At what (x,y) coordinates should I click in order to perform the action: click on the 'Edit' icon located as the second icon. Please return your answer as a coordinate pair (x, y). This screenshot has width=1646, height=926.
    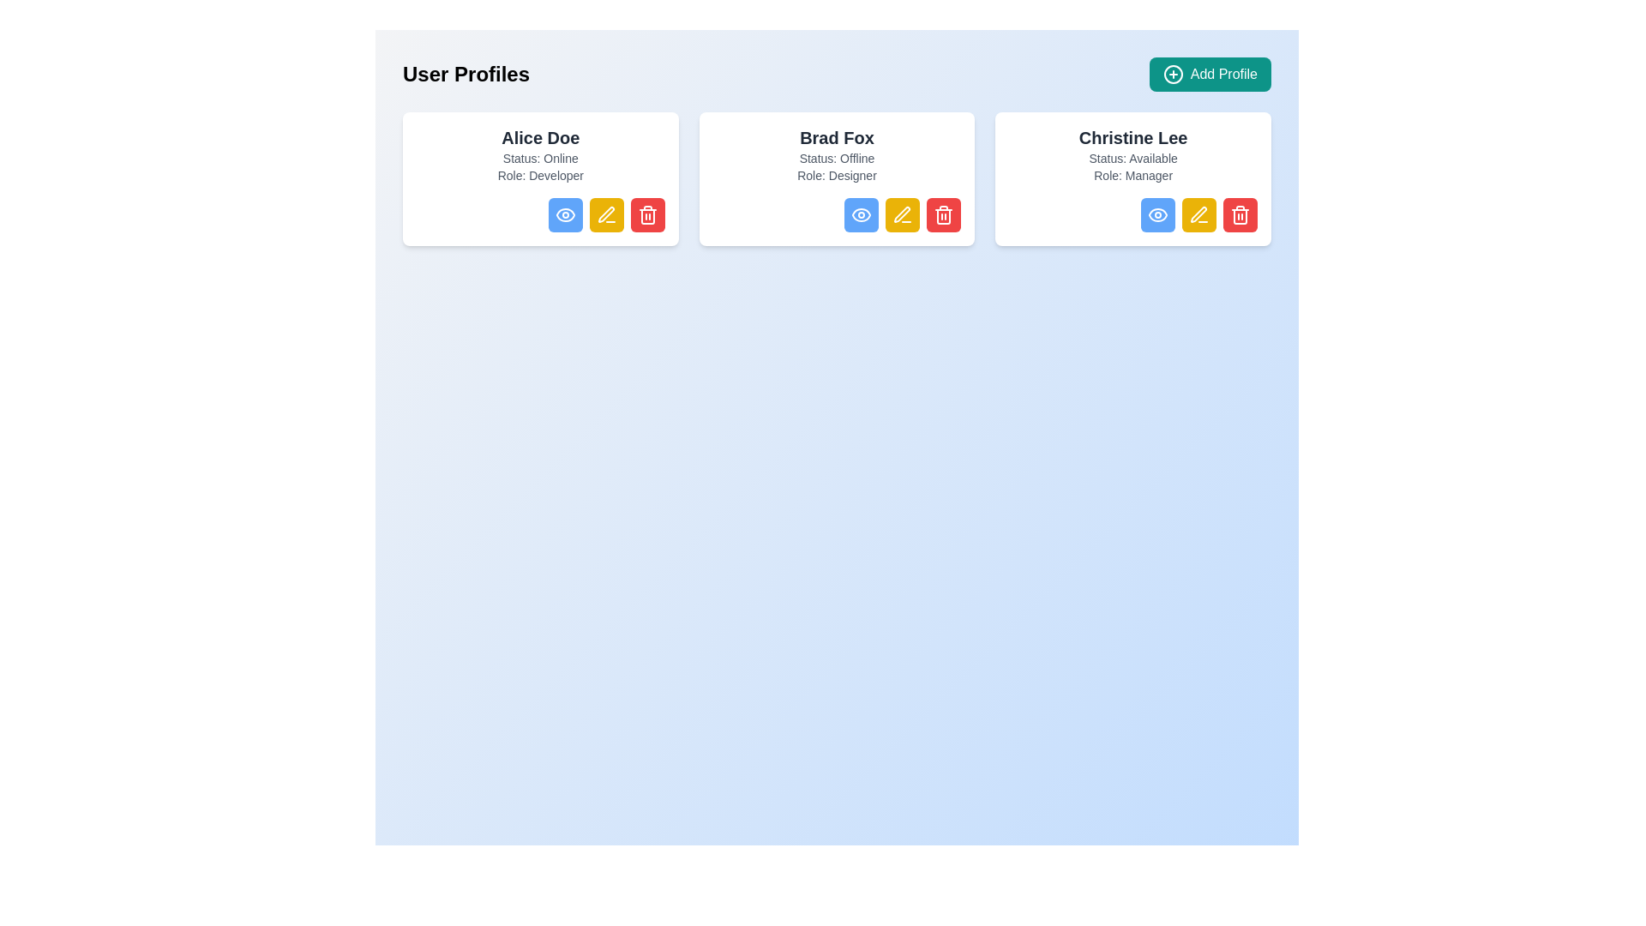
    Looking at the image, I should click on (901, 213).